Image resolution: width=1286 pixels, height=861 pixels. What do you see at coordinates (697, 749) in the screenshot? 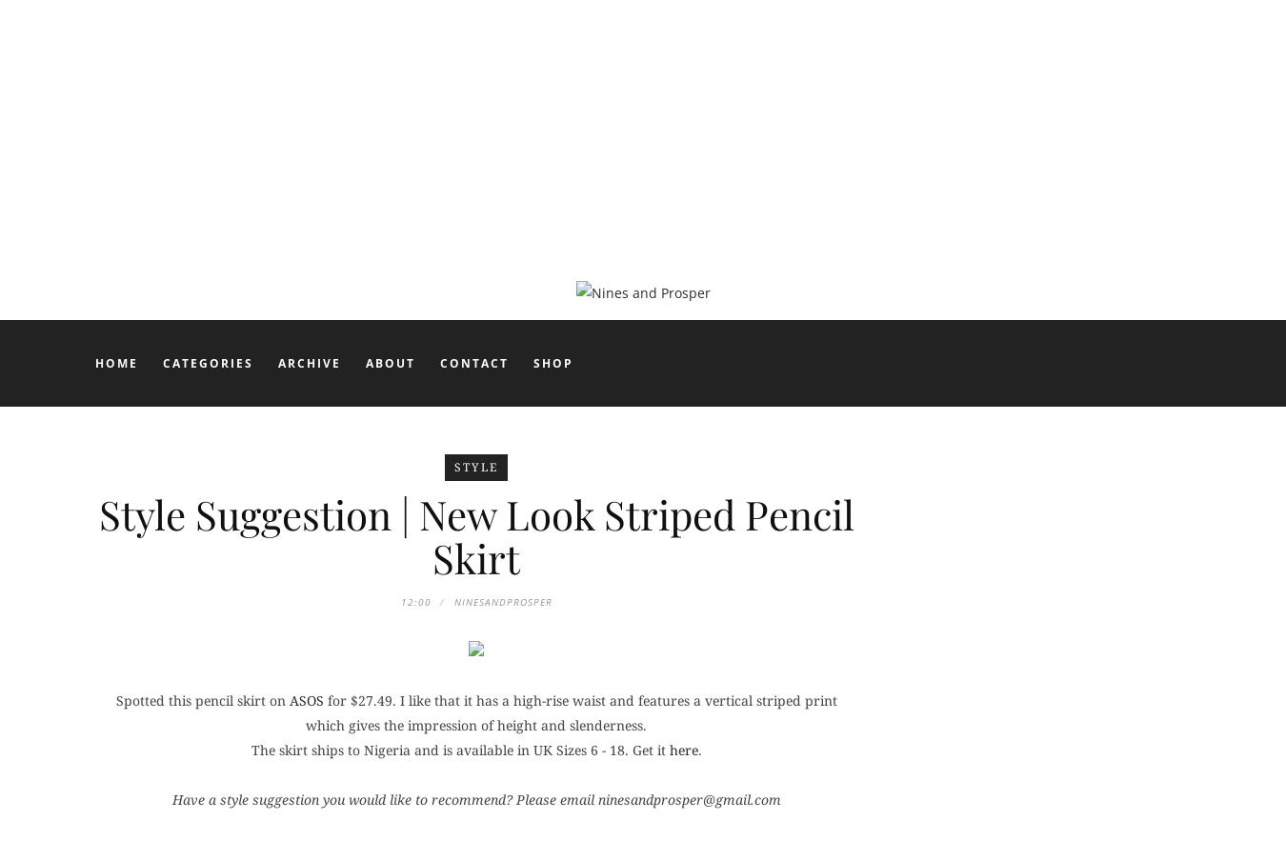
I see `'.'` at bounding box center [697, 749].